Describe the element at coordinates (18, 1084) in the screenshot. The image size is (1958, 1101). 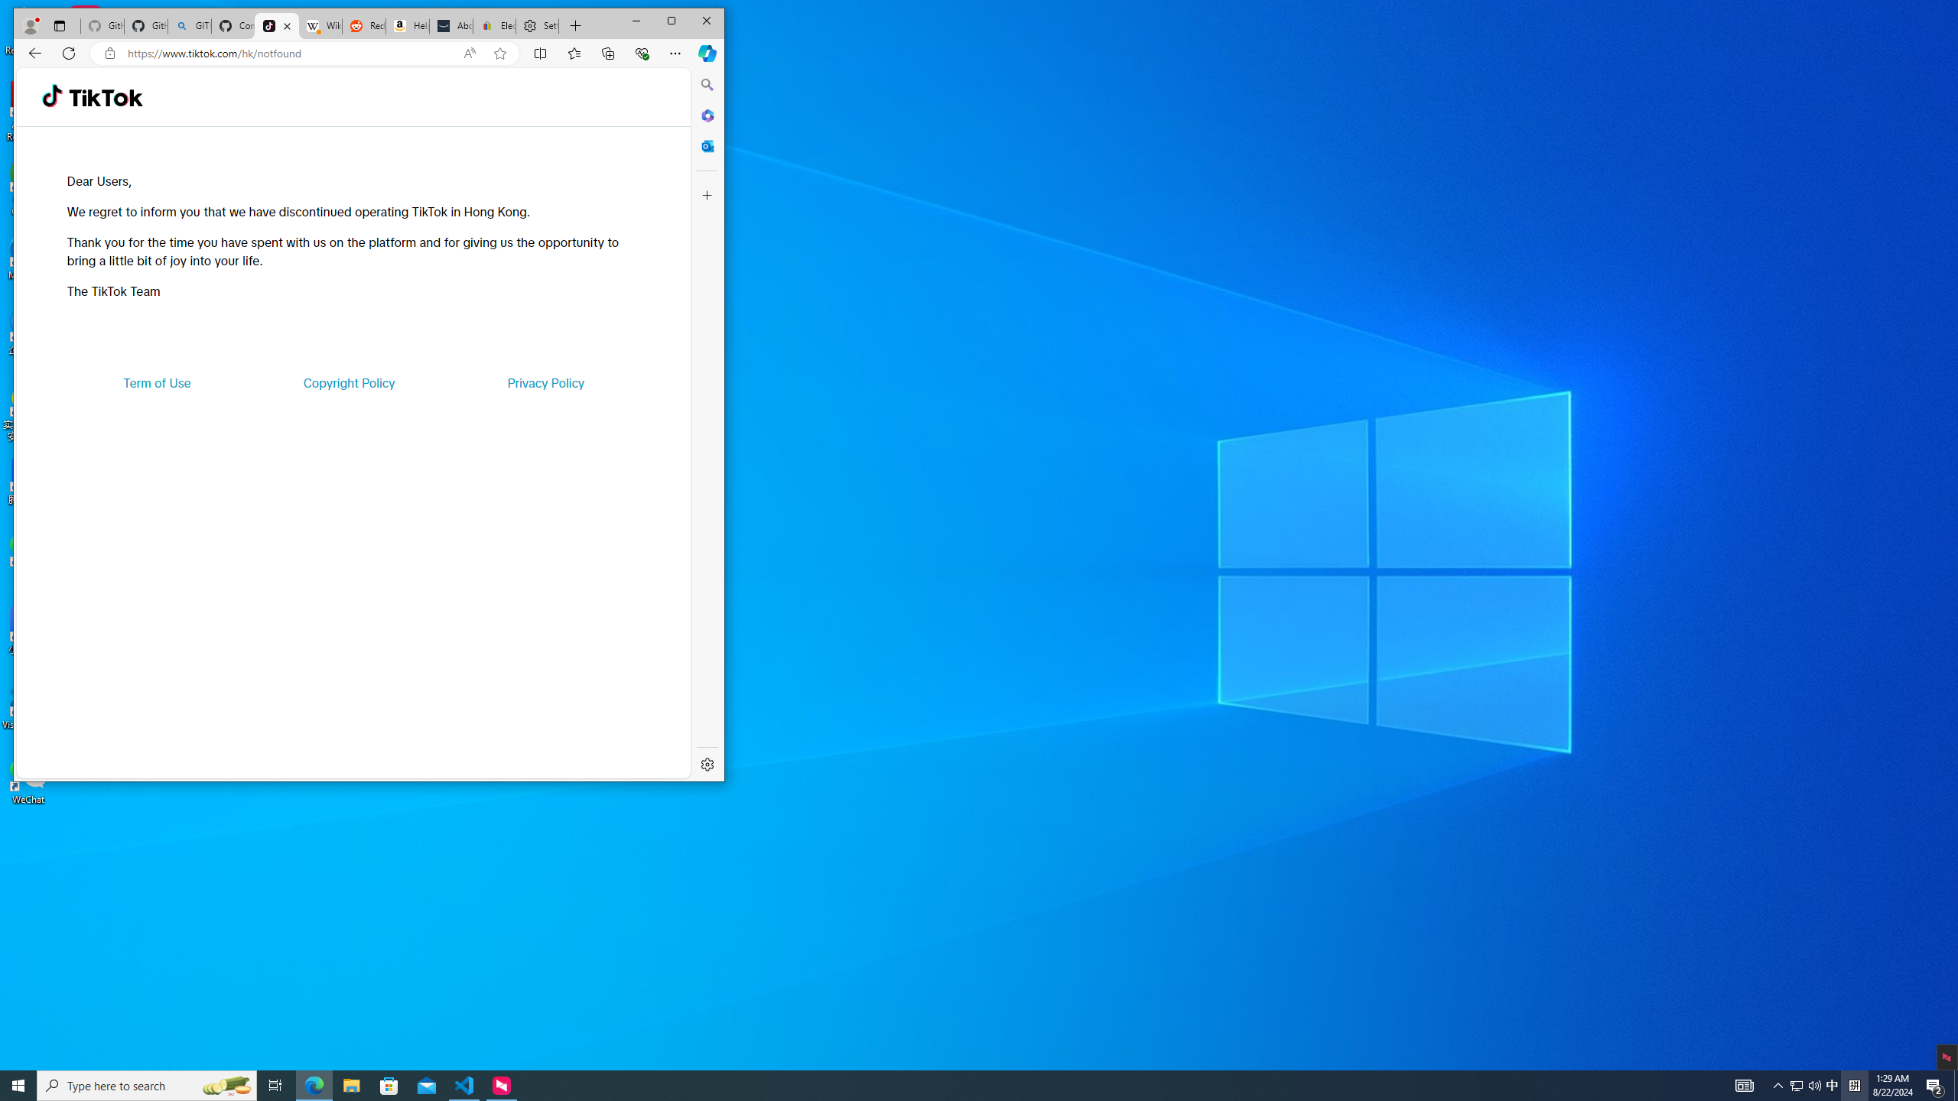
I see `'Start'` at that location.